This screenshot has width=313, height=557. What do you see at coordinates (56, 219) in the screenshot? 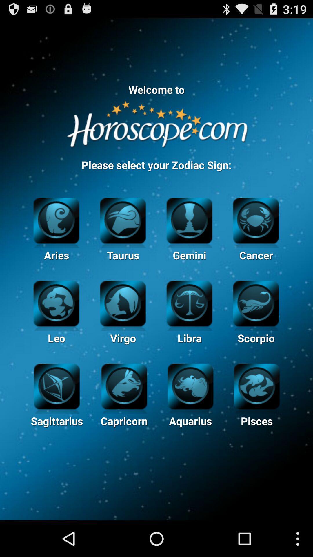
I see `the aries` at bounding box center [56, 219].